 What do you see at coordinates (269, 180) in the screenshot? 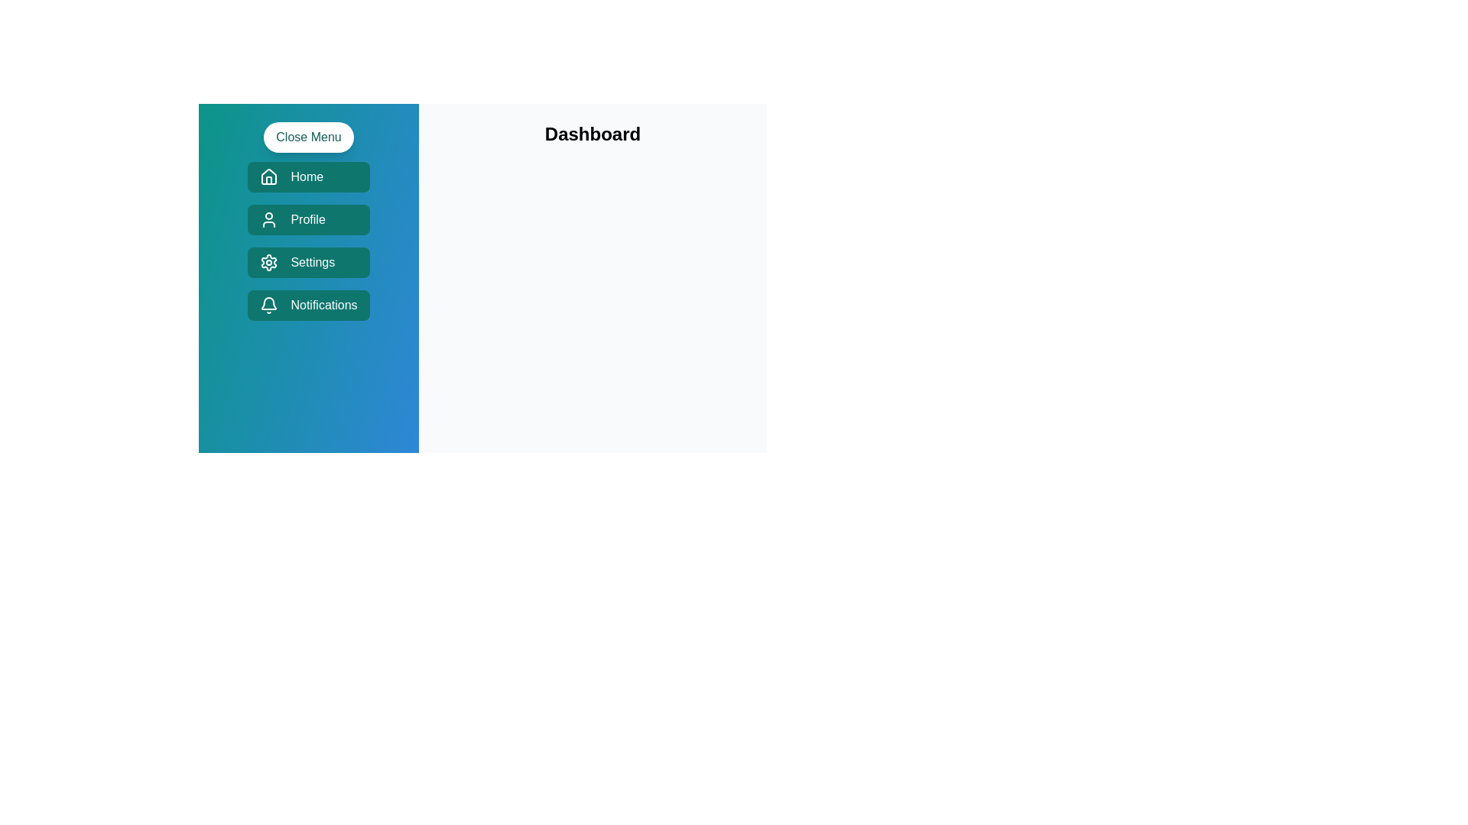
I see `the base of the house icon in the menu, which visually represents the 'Home' option in the vertical sidebar` at bounding box center [269, 180].